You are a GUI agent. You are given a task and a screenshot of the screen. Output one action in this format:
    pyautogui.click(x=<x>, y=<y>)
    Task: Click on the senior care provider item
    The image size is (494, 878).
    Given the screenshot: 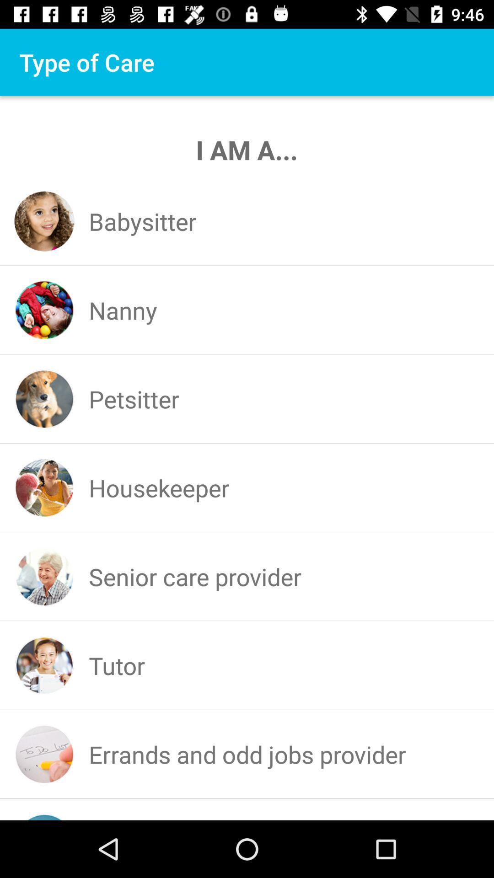 What is the action you would take?
    pyautogui.click(x=194, y=576)
    